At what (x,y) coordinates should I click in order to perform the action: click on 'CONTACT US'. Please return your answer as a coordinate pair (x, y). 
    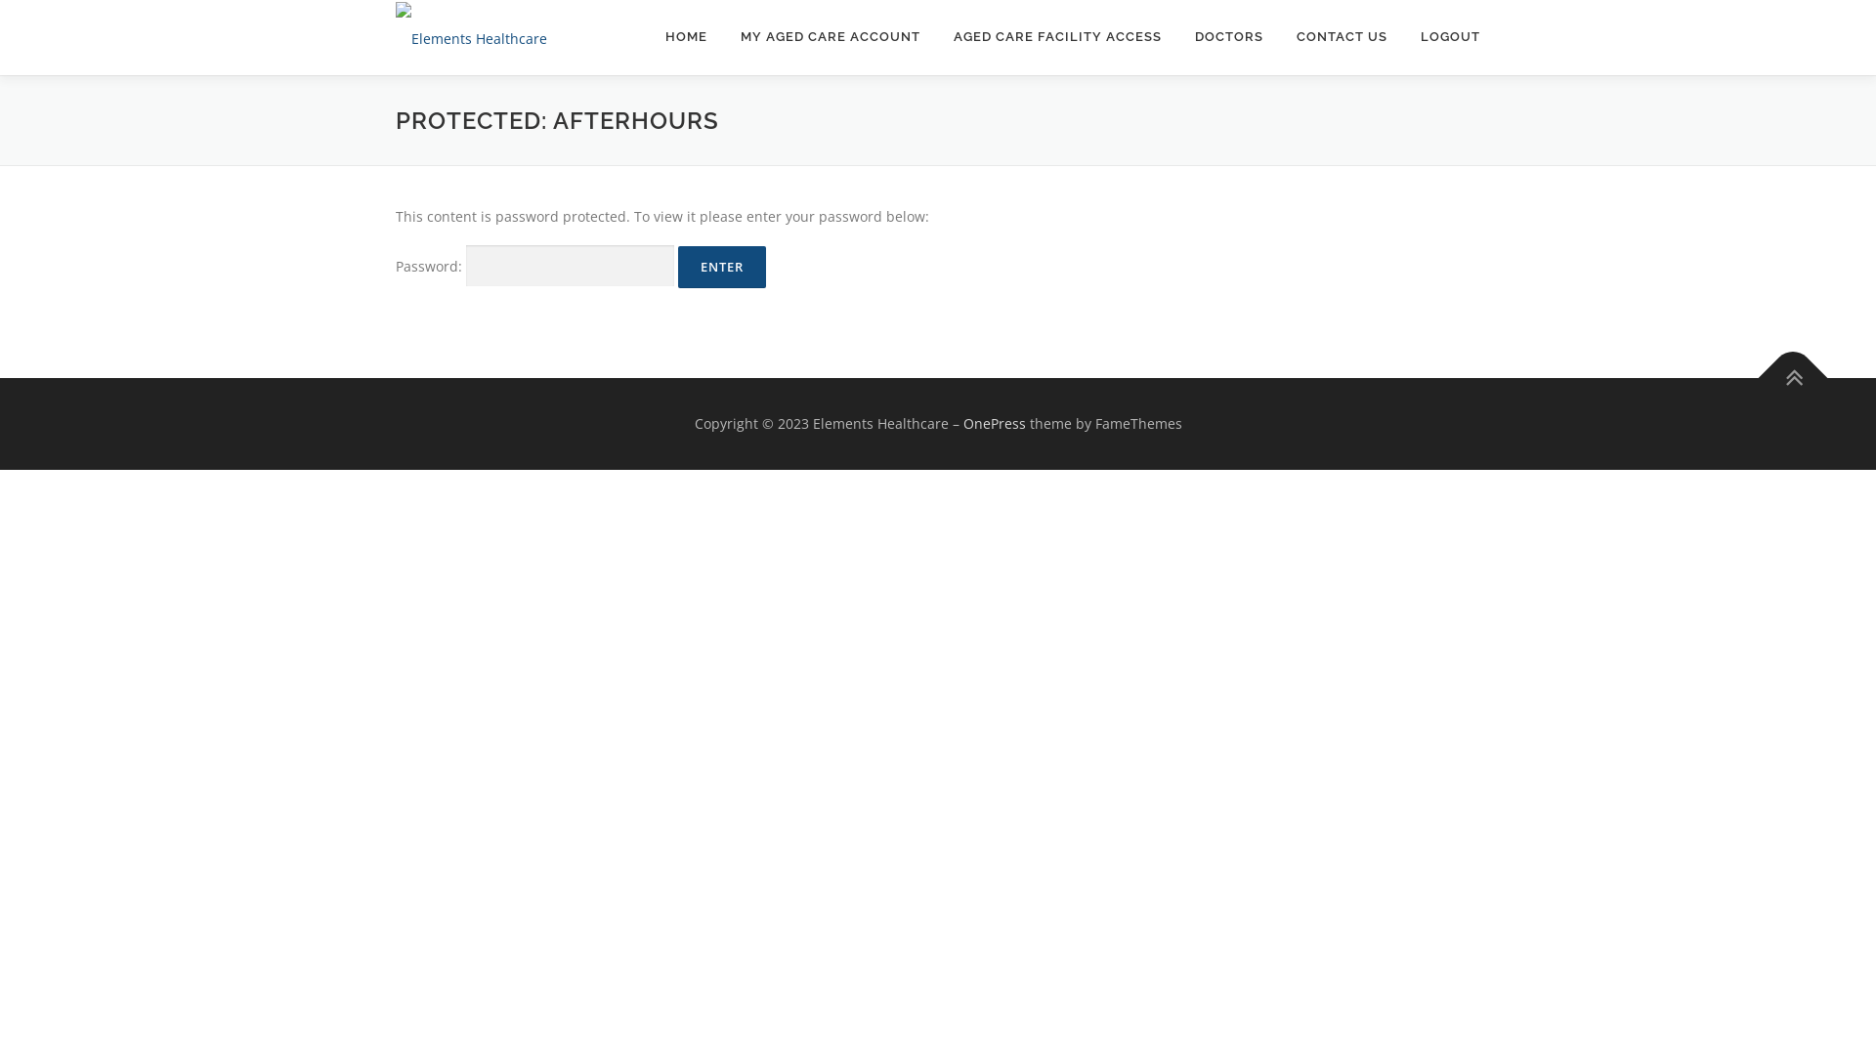
    Looking at the image, I should click on (1341, 36).